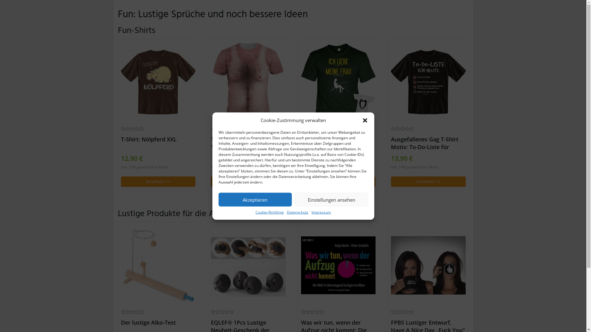 The width and height of the screenshot is (591, 332). What do you see at coordinates (158, 181) in the screenshot?
I see `'Ansehen >>'` at bounding box center [158, 181].